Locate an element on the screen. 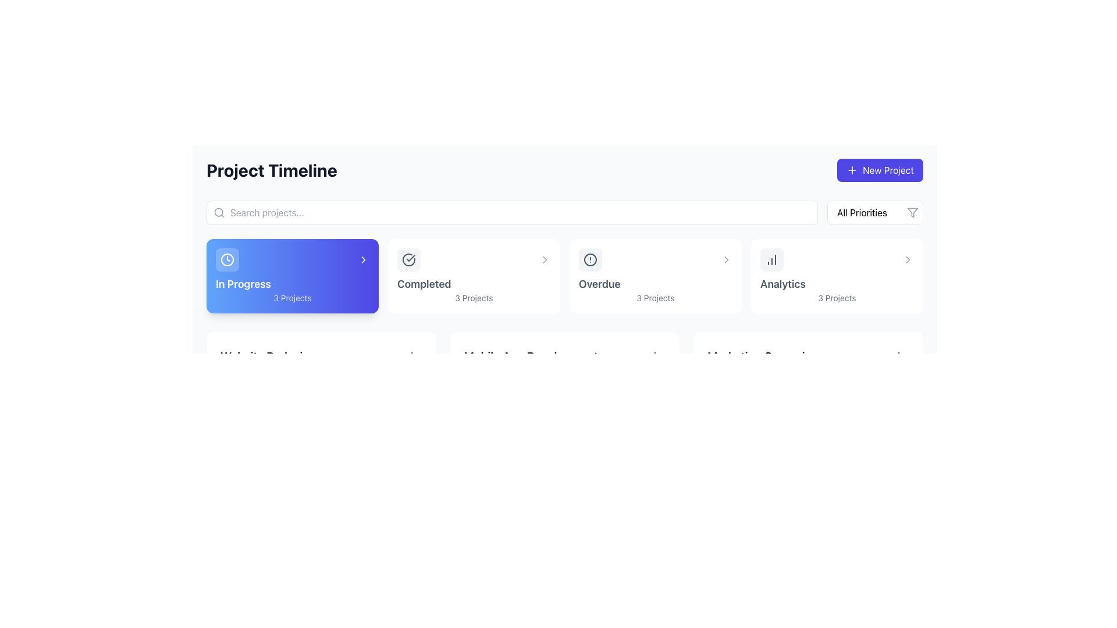 This screenshot has width=1117, height=628. the small plus sign icon with a blue background, part of the 'New Project' button located at the upper-right corner of the interface is located at coordinates (852, 170).